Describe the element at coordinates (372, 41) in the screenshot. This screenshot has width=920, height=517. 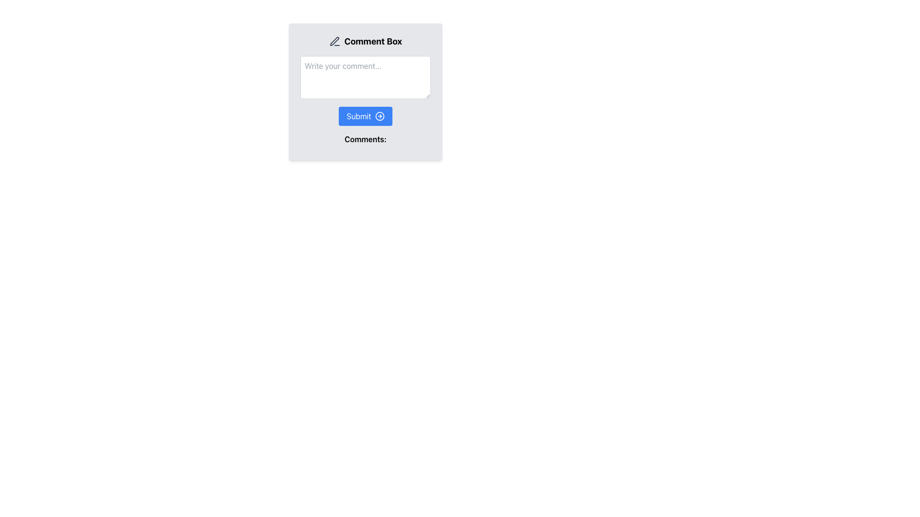
I see `the bold text element labeled 'Comment Box' that is positioned next to a pen icon, indicating the title for the comment section` at that location.